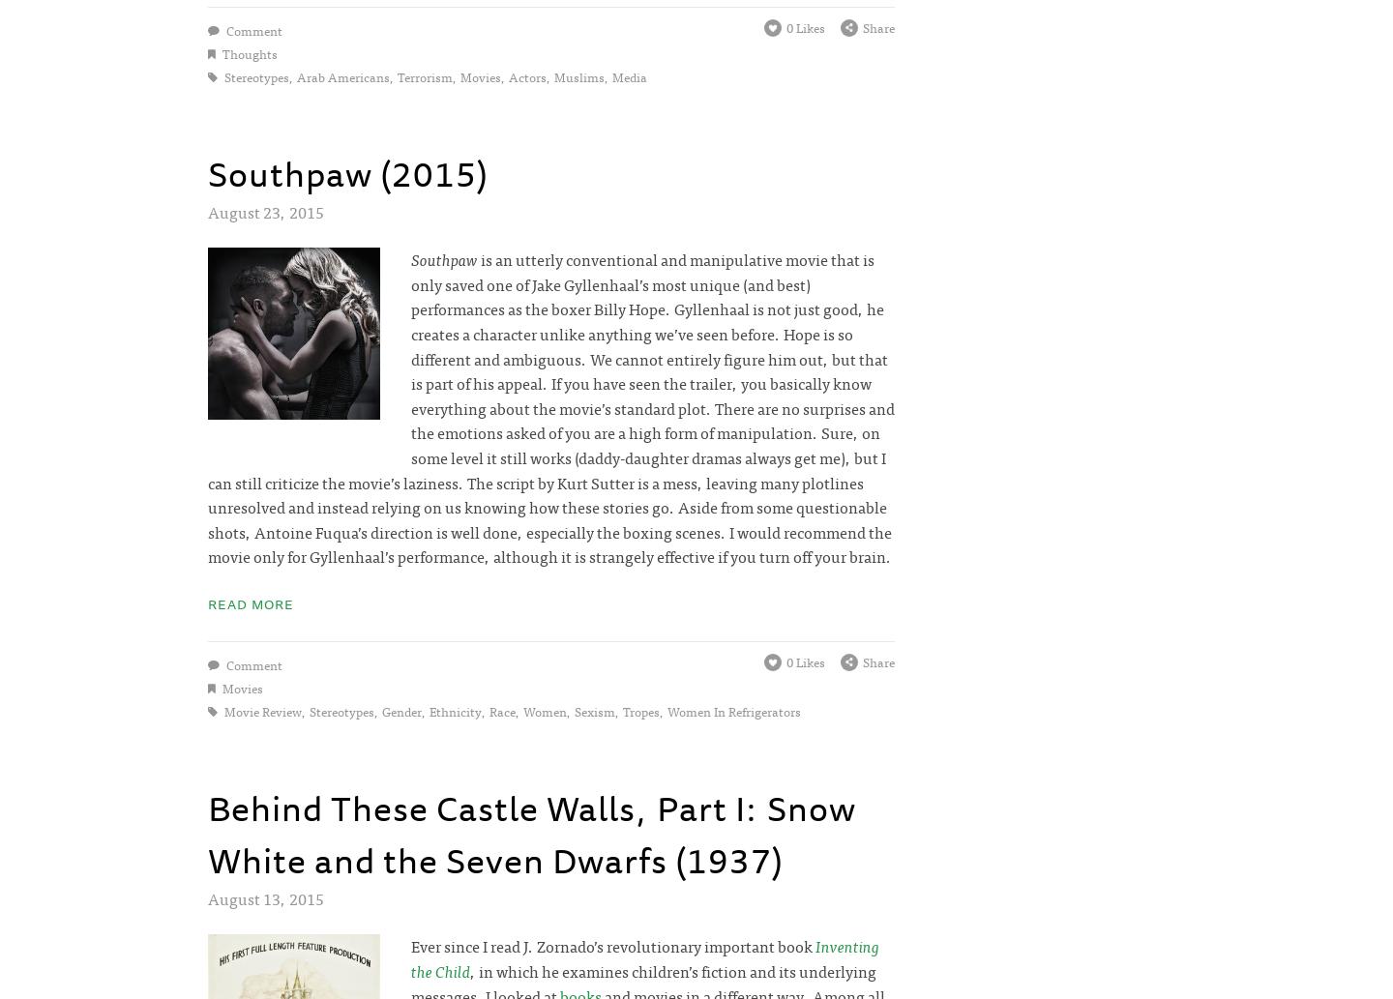 The image size is (1393, 999). Describe the element at coordinates (400, 711) in the screenshot. I see `'gender'` at that location.